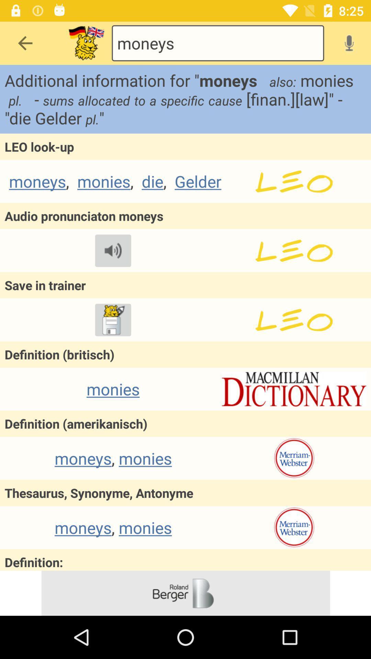 The image size is (371, 659). I want to click on see the options, so click(86, 43).